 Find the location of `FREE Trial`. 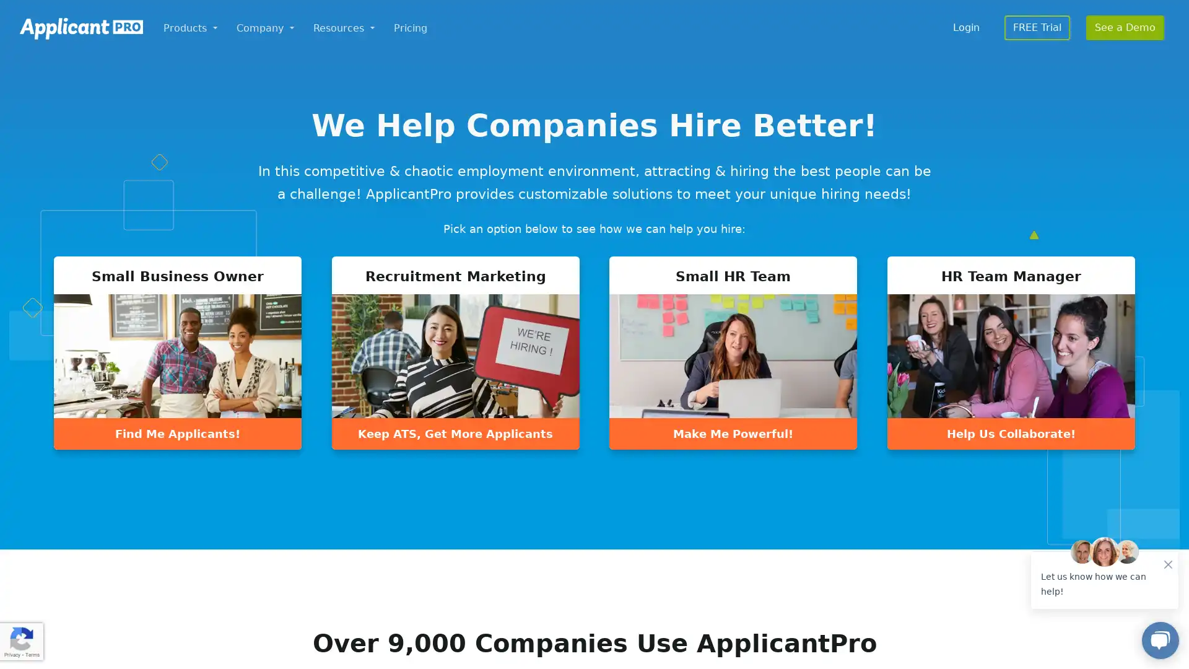

FREE Trial is located at coordinates (1037, 28).